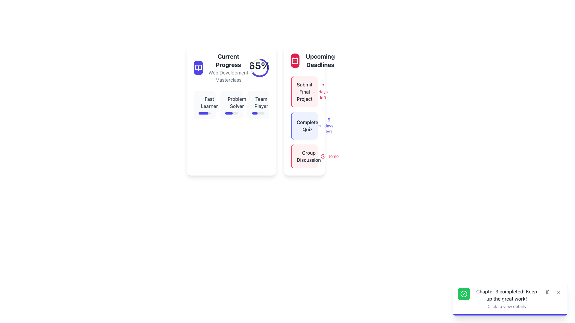  Describe the element at coordinates (314, 61) in the screenshot. I see `the 'Upcoming Deadlines' section header which features a calendar icon on a rose-red background` at that location.